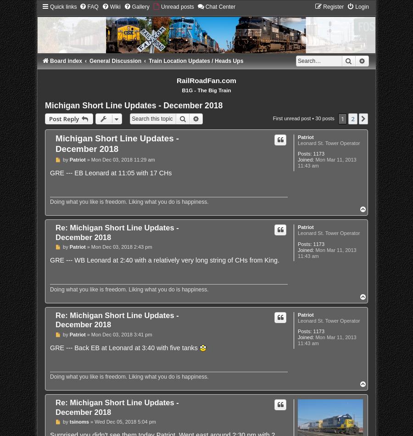  Describe the element at coordinates (49, 347) in the screenshot. I see `'GRE --- Back EB at Leonard at 3:40 with five tanks'` at that location.